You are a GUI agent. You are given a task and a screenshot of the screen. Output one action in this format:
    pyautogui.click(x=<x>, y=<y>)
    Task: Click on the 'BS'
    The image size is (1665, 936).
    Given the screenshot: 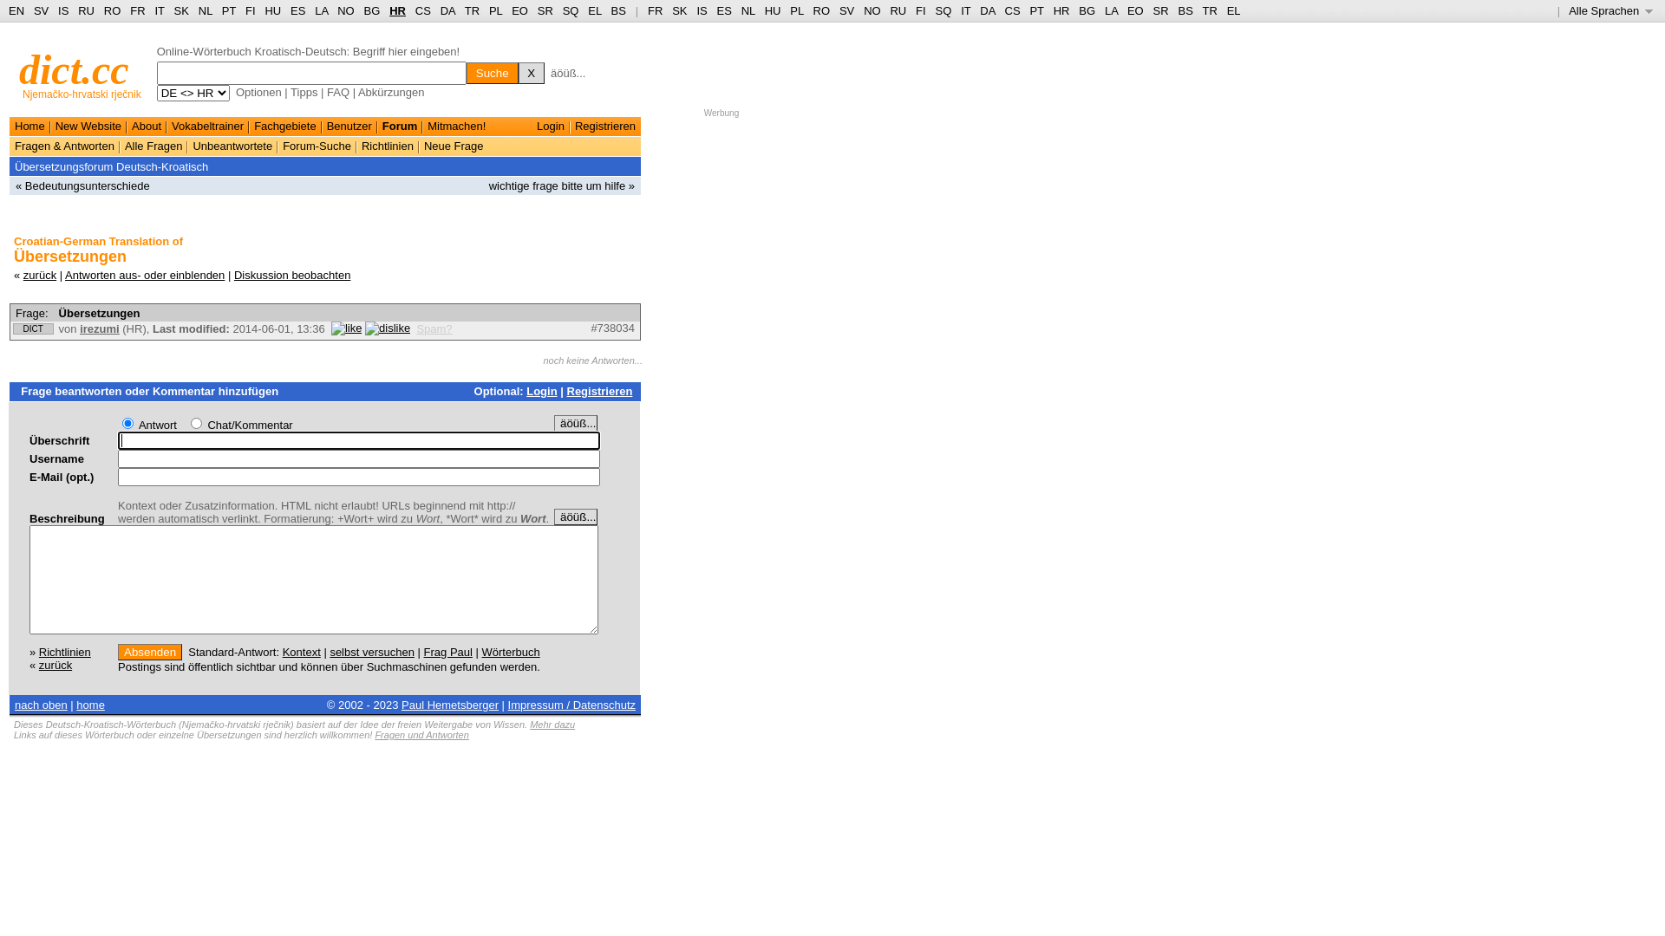 What is the action you would take?
    pyautogui.click(x=618, y=10)
    